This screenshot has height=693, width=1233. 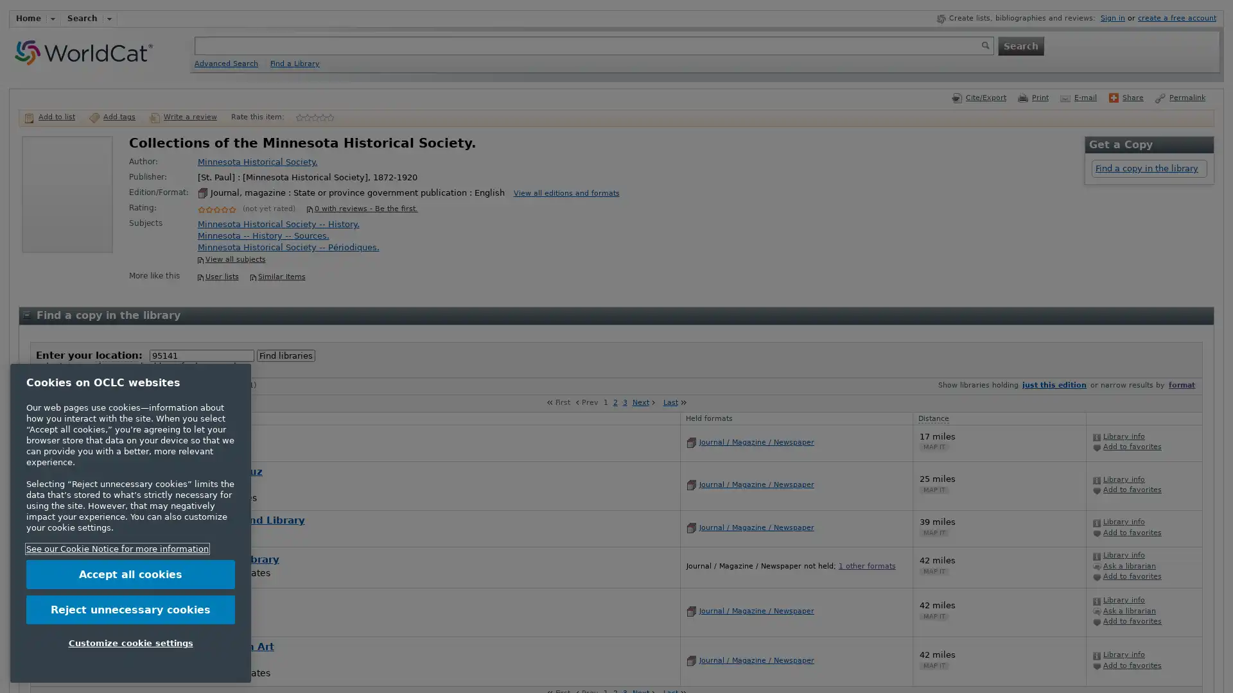 What do you see at coordinates (1019, 44) in the screenshot?
I see `Search` at bounding box center [1019, 44].